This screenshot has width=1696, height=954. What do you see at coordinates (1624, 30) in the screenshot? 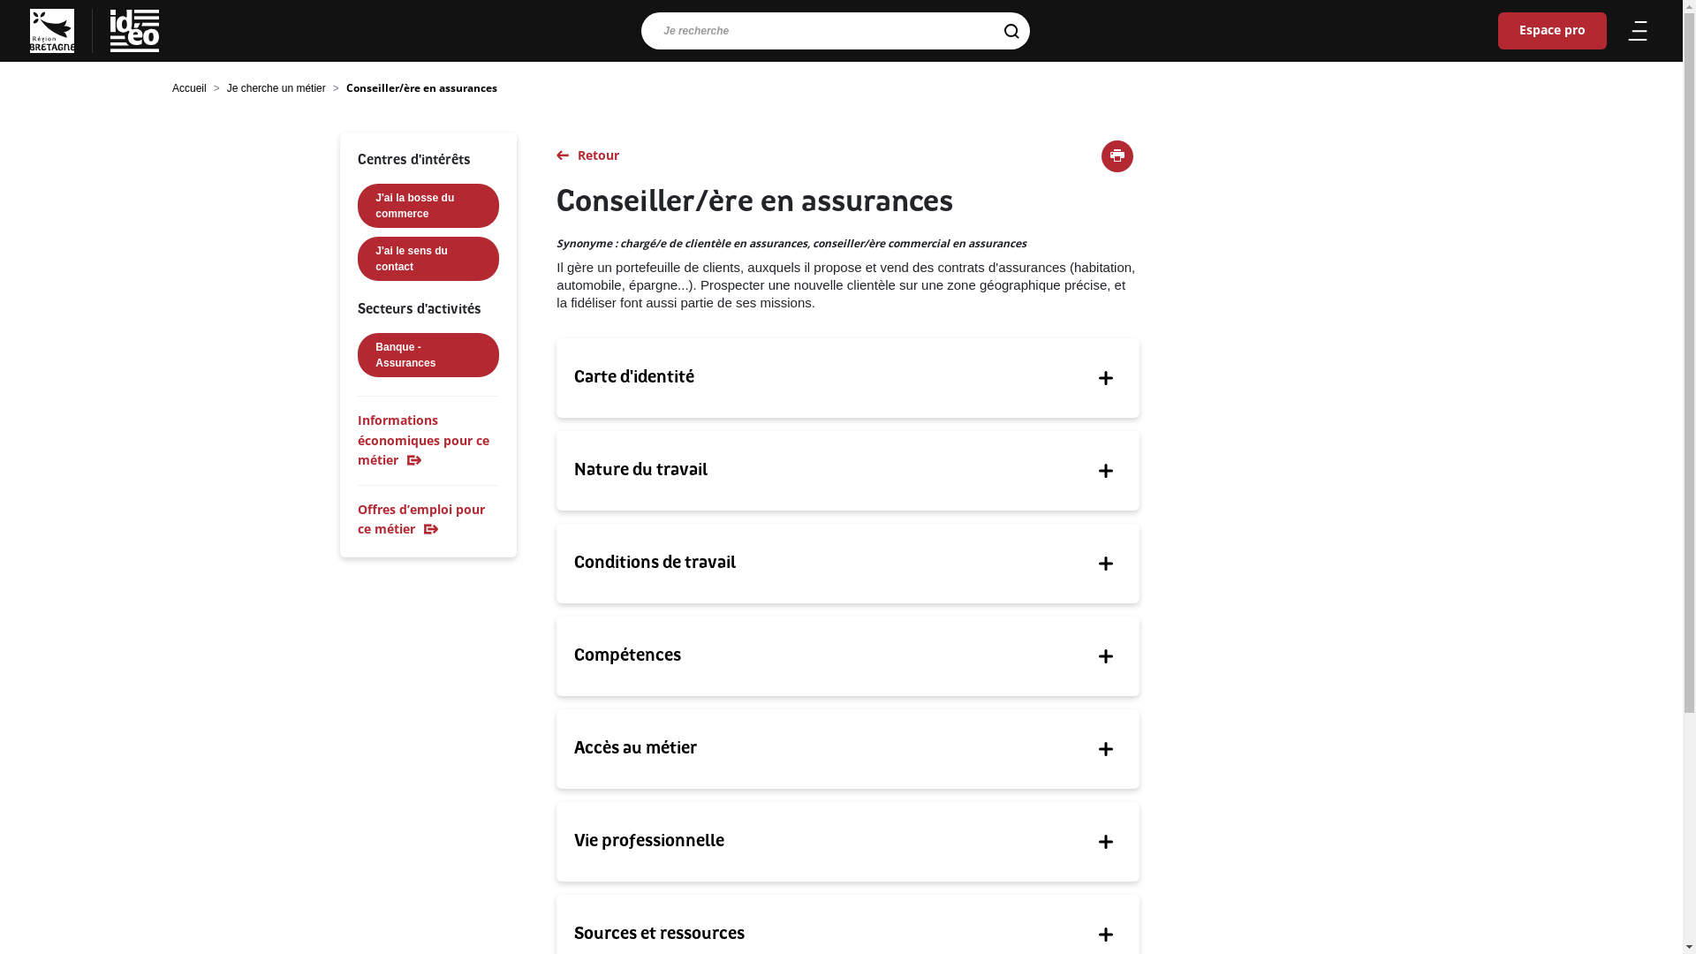
I see `'Menu'` at bounding box center [1624, 30].